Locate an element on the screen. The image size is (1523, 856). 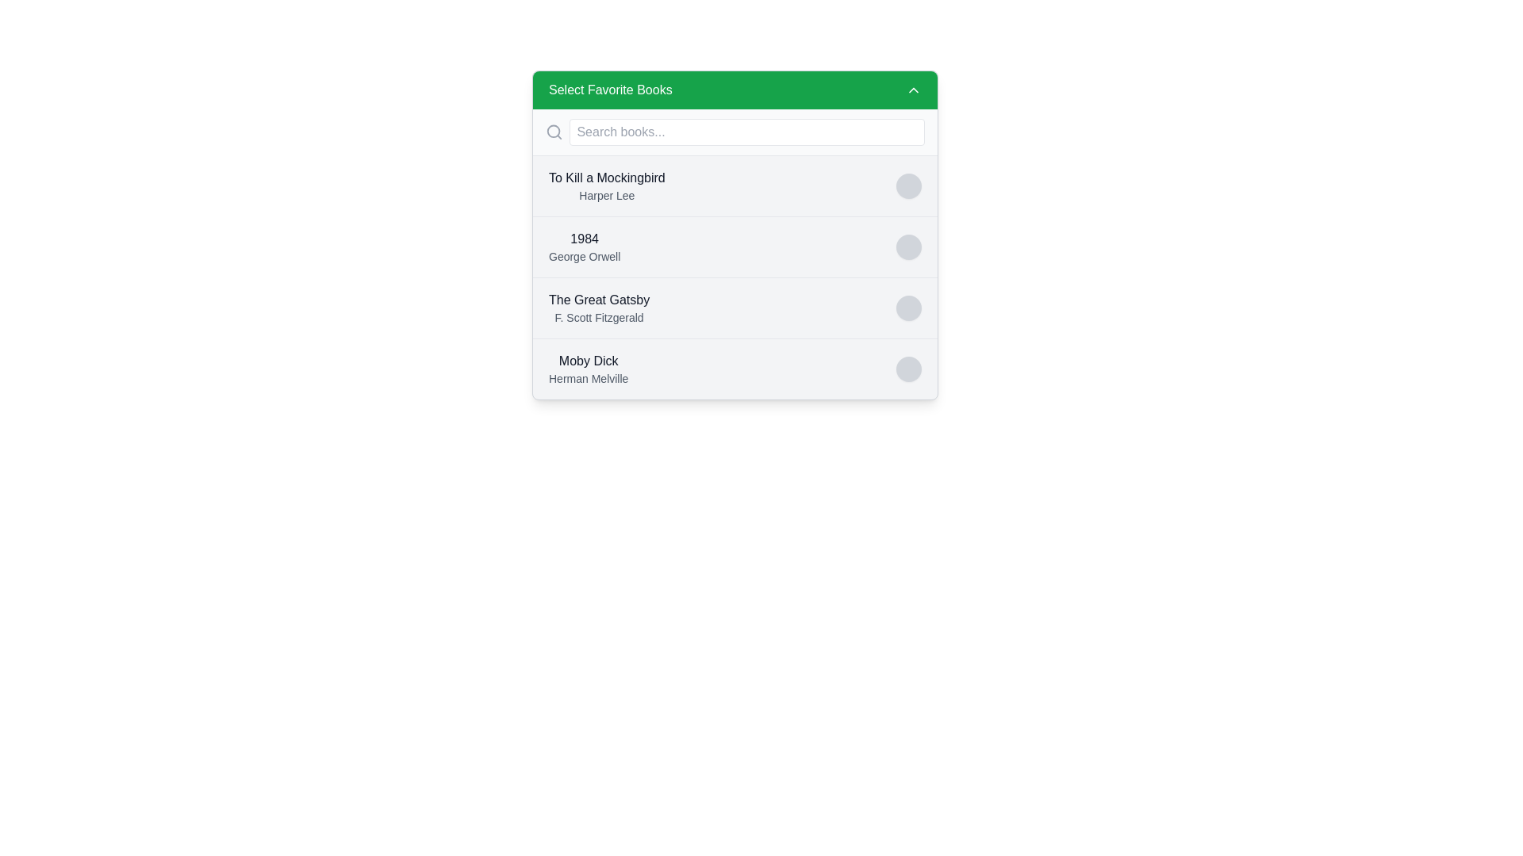
the bold text label displaying the title '1984' in dark gray, which is positioned in the book selection list, directly above 'George Orwell' is located at coordinates (584, 239).